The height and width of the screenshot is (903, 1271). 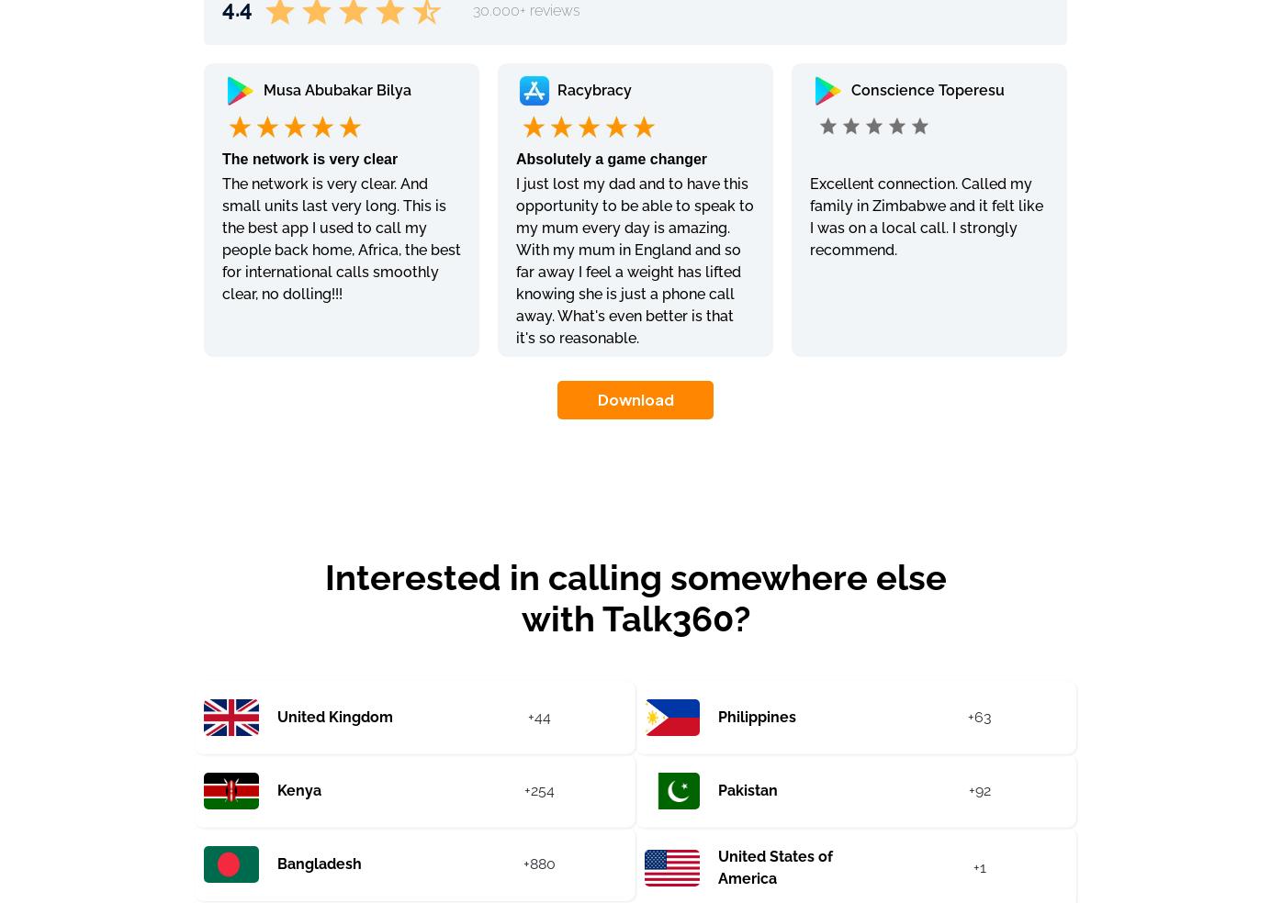 What do you see at coordinates (717, 789) in the screenshot?
I see `'Pakistan'` at bounding box center [717, 789].